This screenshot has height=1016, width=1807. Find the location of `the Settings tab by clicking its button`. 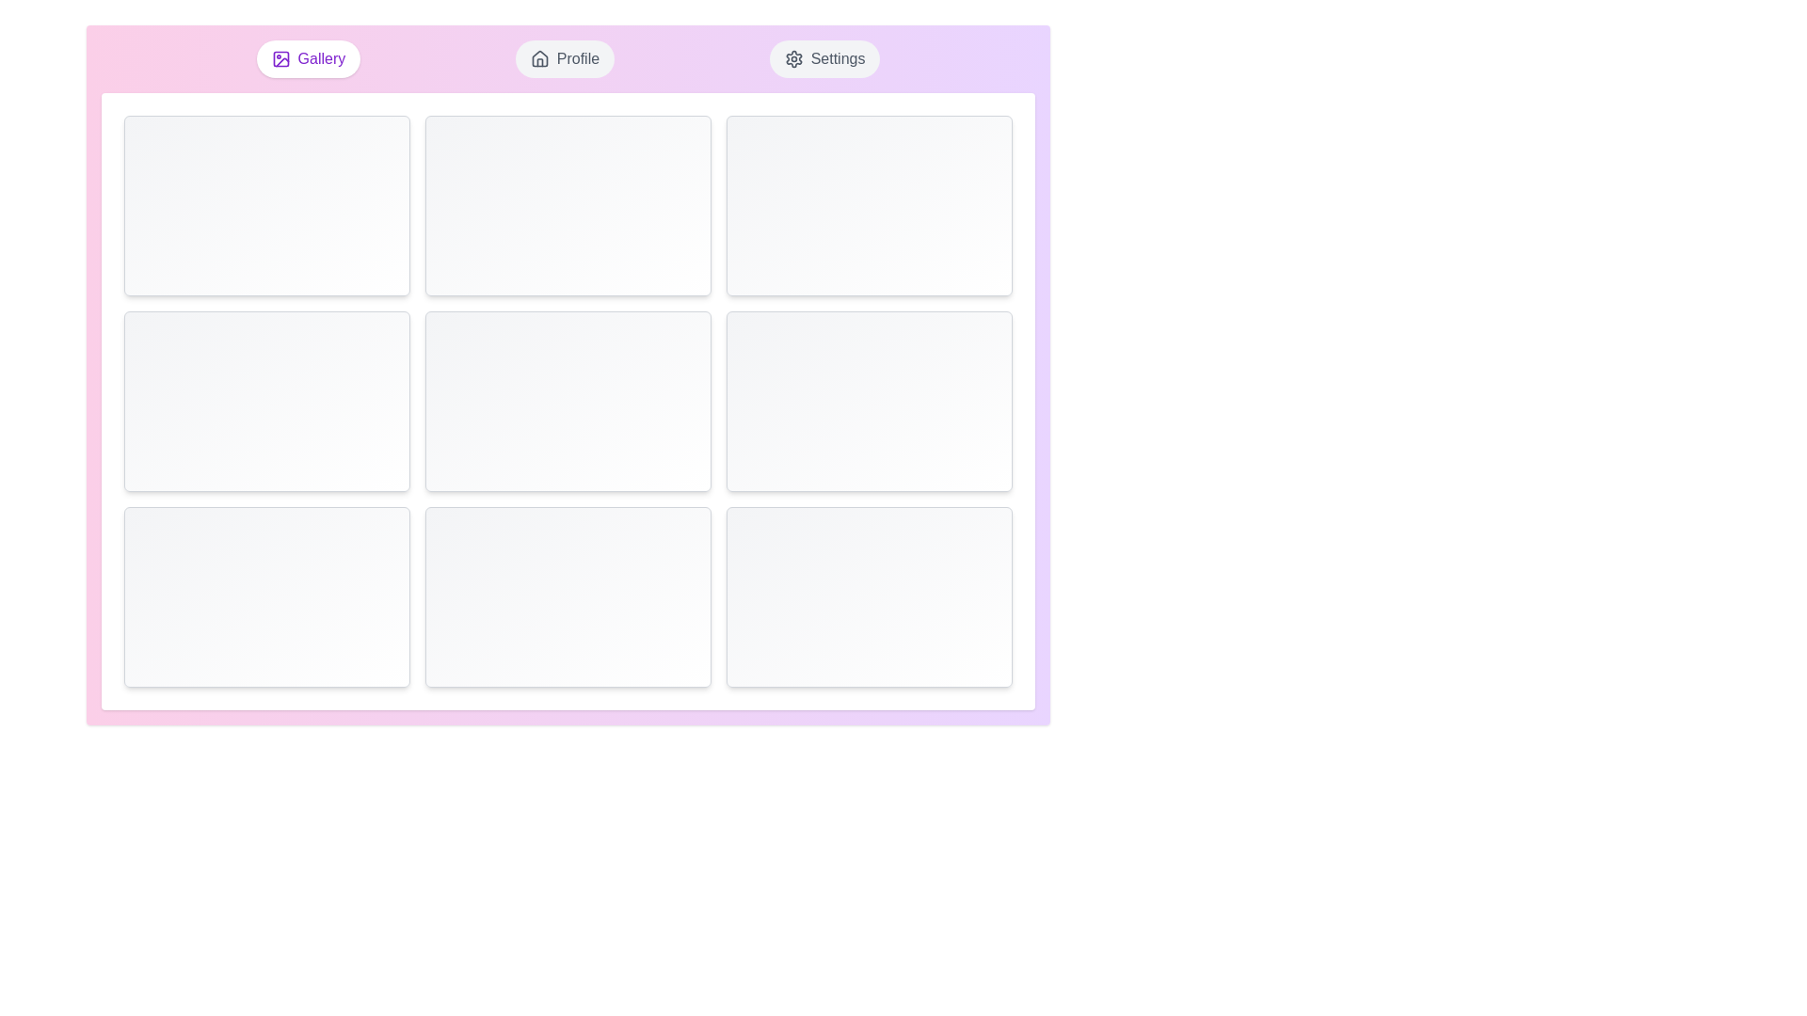

the Settings tab by clicking its button is located at coordinates (824, 57).